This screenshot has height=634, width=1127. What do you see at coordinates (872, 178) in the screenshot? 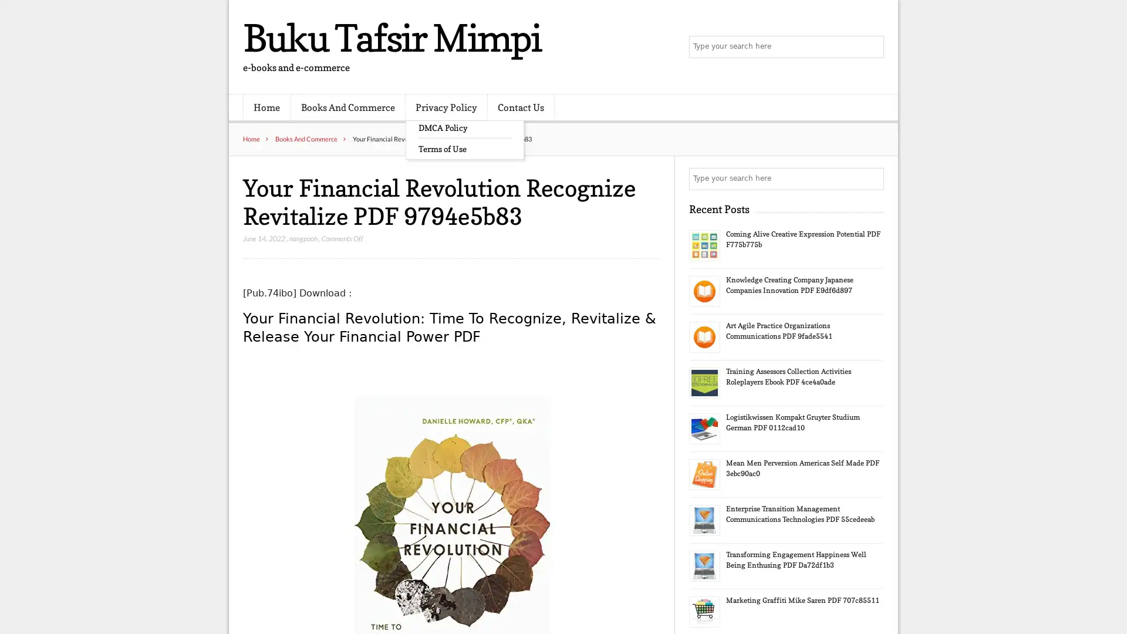
I see `Search` at bounding box center [872, 178].